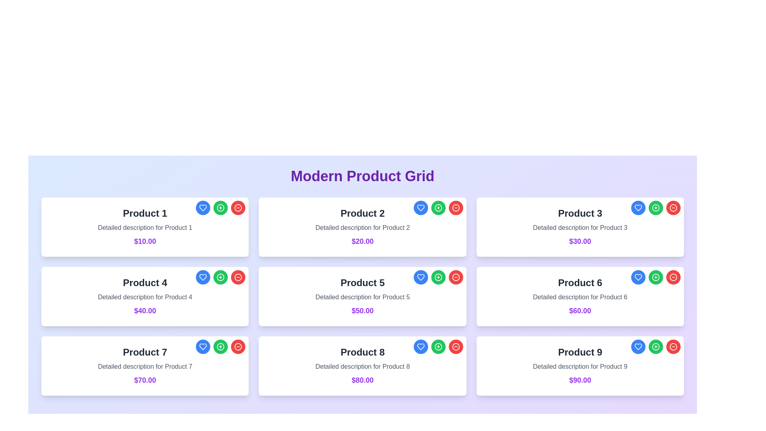 The image size is (766, 431). What do you see at coordinates (145, 227) in the screenshot?
I see `text content of the text element displaying 'Detailed description for Product 1', which is located below the title 'Product 1' and above the price '$10.00' in the first product card` at bounding box center [145, 227].